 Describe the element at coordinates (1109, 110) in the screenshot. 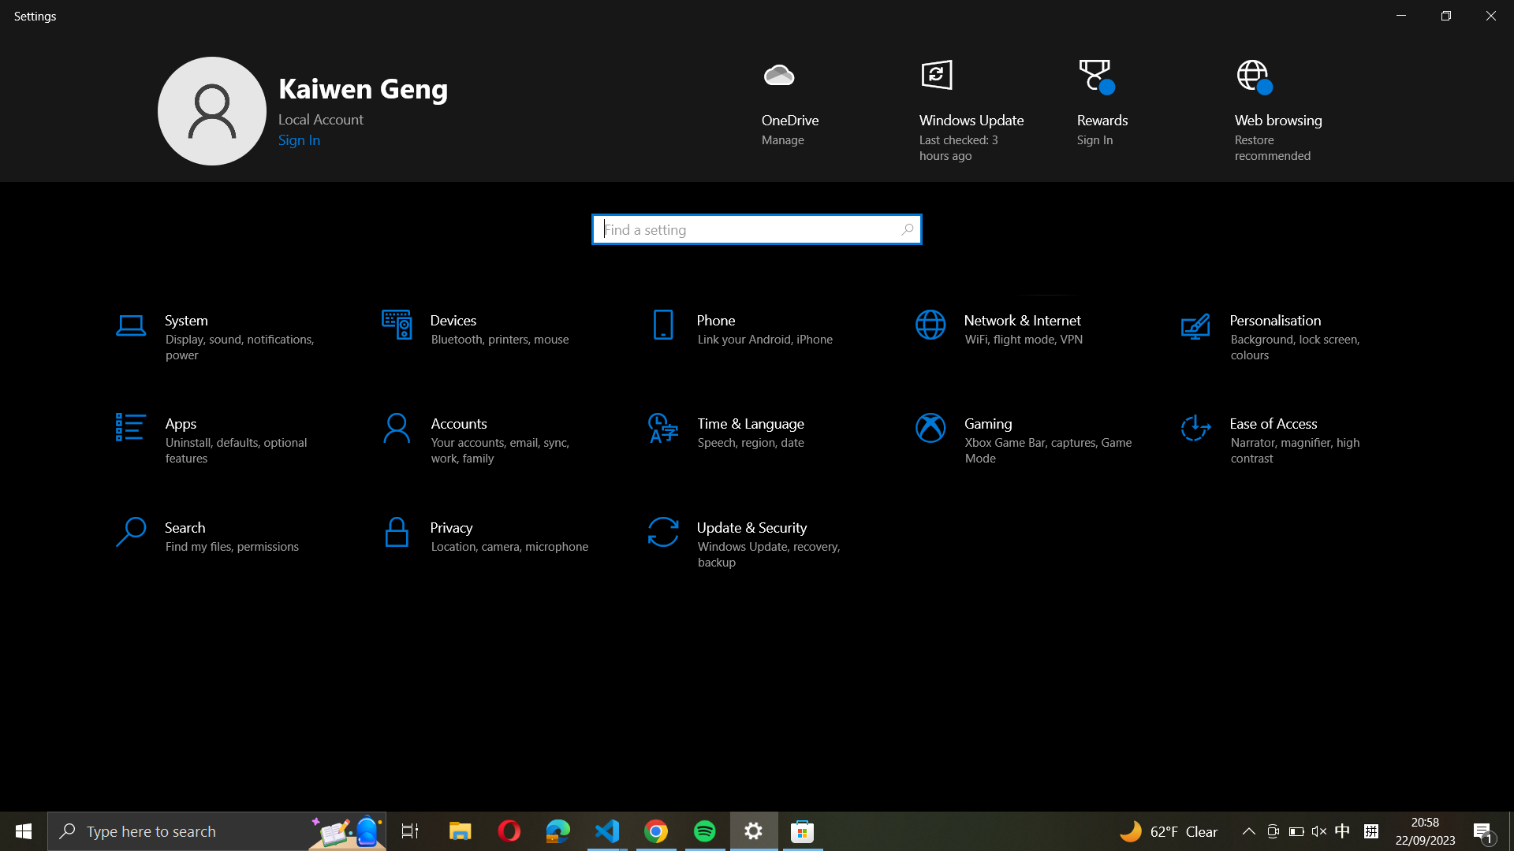

I see `Carry out a click action on "Rewards` at that location.